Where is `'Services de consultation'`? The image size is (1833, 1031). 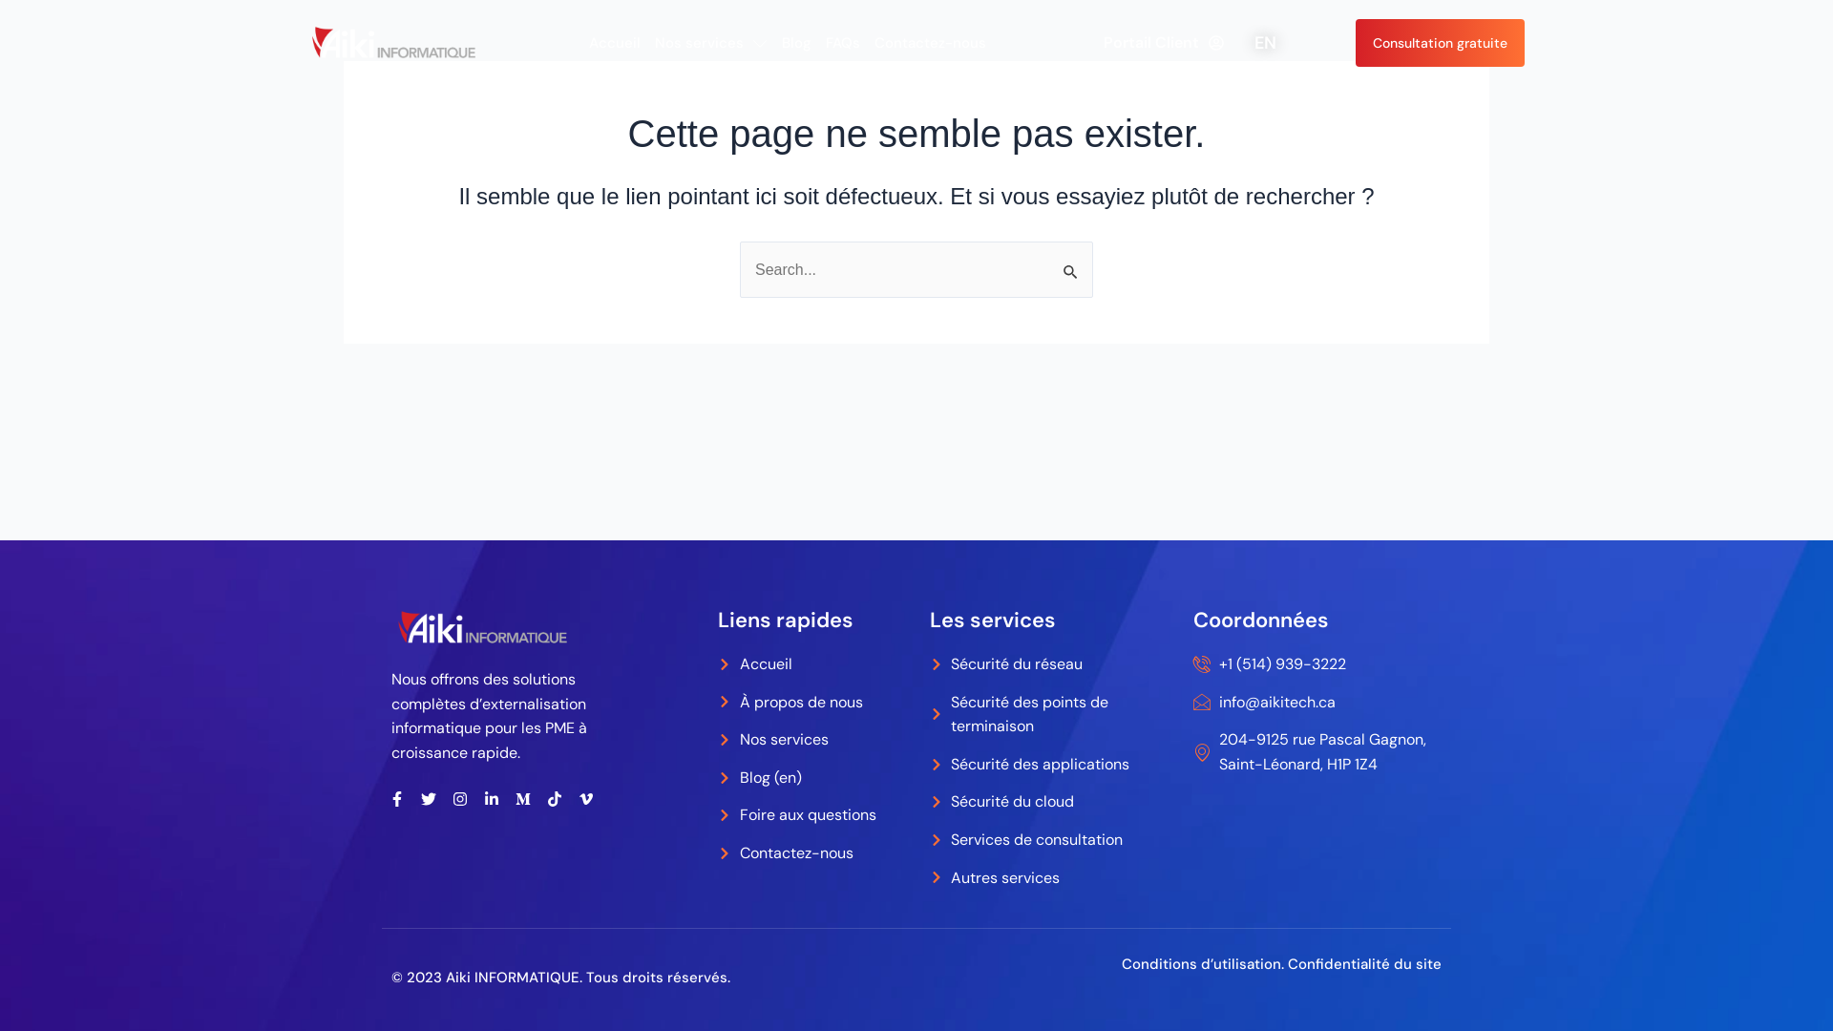
'Services de consultation' is located at coordinates (1051, 838).